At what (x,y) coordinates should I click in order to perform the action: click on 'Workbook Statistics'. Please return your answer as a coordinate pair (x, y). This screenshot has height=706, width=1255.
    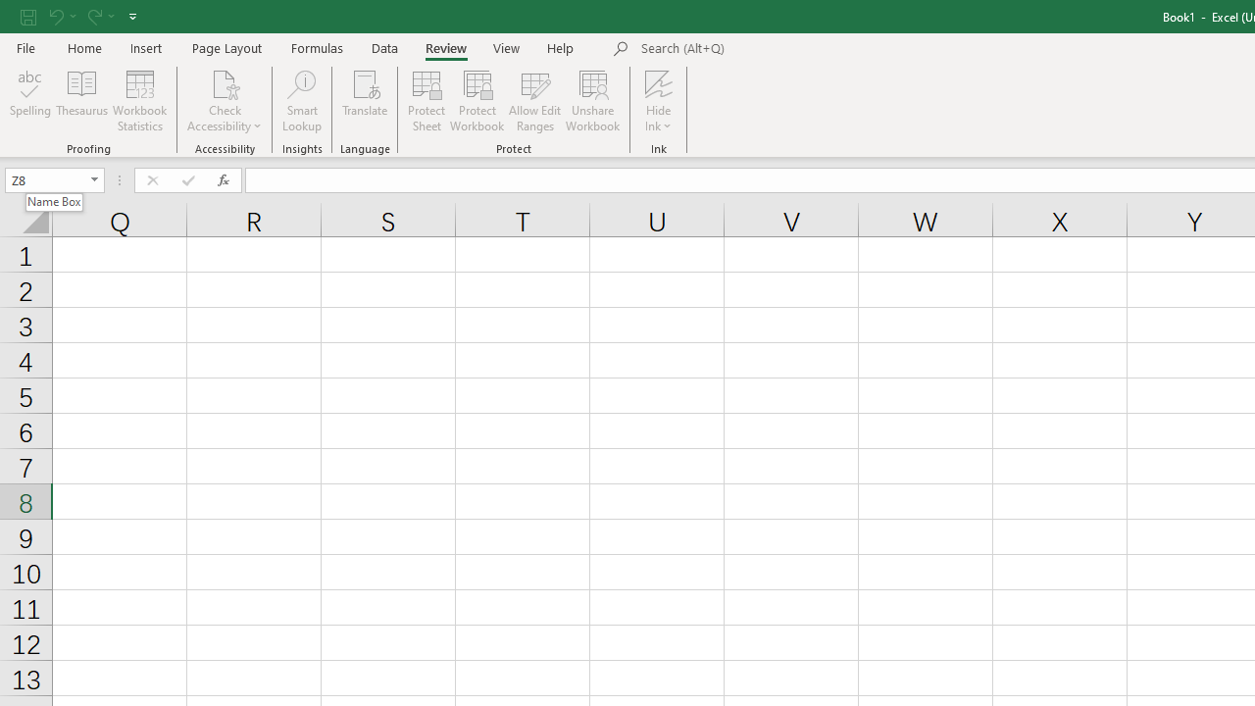
    Looking at the image, I should click on (138, 101).